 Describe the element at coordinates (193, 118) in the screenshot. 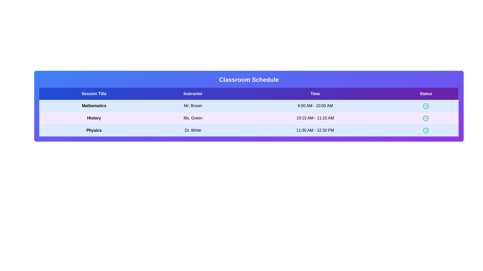

I see `the text element Ms. Green to select or copy its content` at that location.